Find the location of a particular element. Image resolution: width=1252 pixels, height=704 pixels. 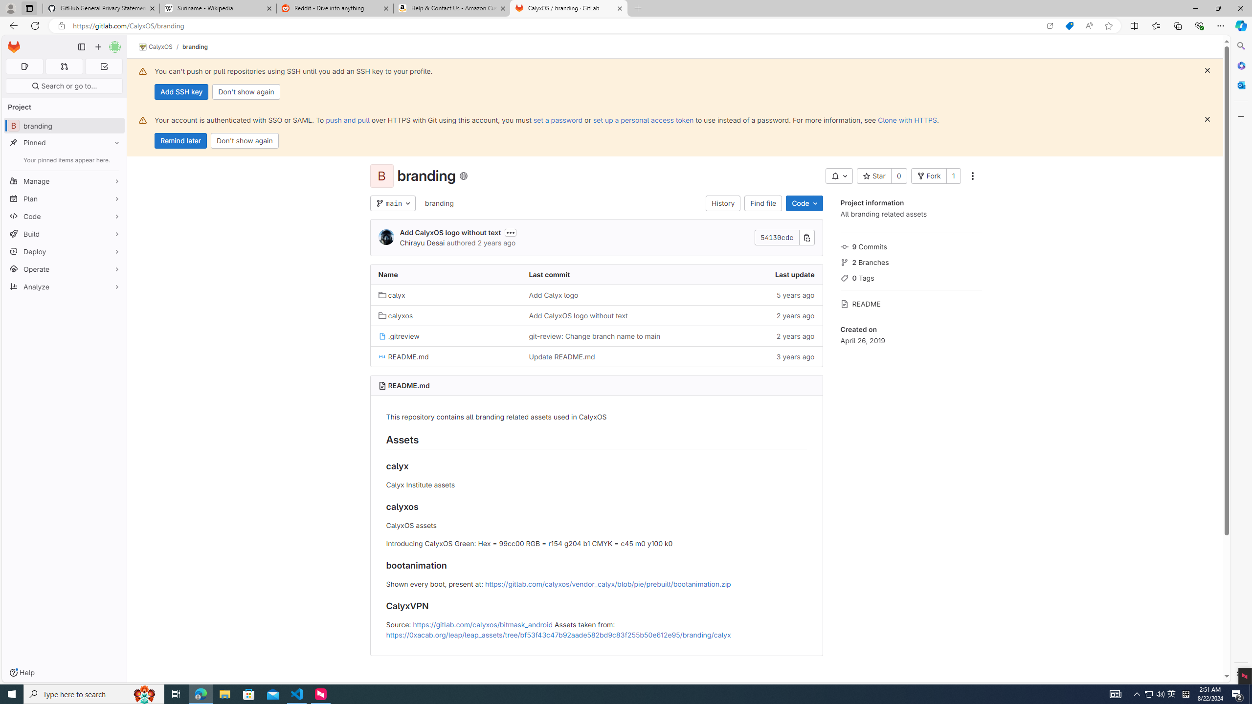

'Primary navigation sidebar' is located at coordinates (81, 46).